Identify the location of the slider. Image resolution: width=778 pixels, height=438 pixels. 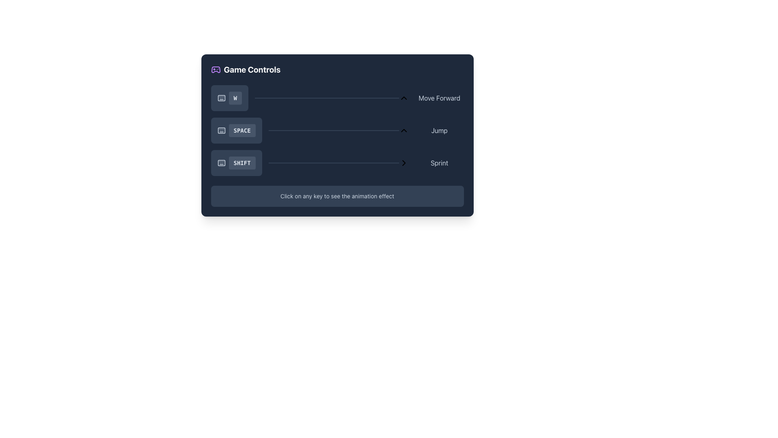
(293, 98).